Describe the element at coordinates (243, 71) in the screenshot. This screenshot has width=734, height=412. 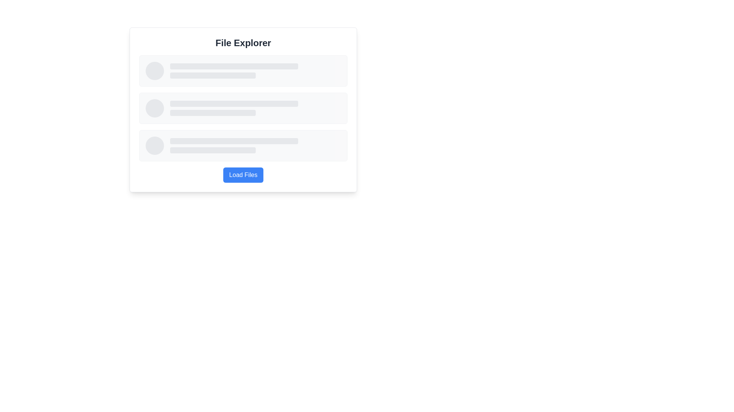
I see `the rectangular placeholder in the file explorer's loading state, positioned directly beneath the 'File Explorer' title` at that location.